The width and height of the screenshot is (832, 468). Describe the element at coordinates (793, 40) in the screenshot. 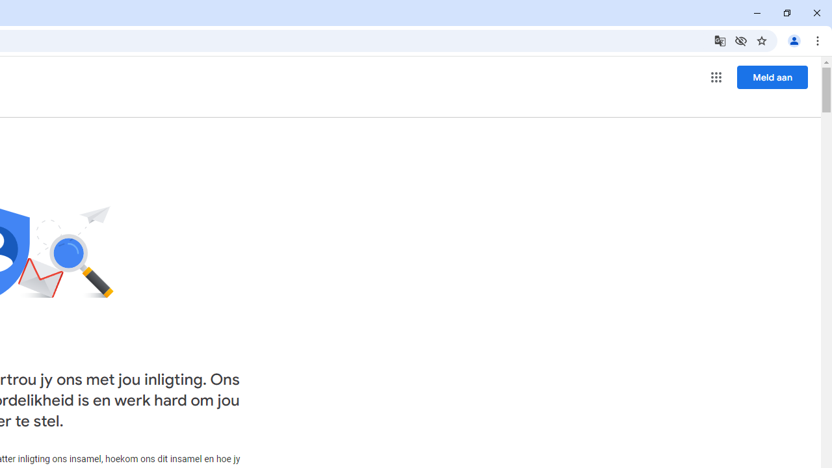

I see `'You'` at that location.